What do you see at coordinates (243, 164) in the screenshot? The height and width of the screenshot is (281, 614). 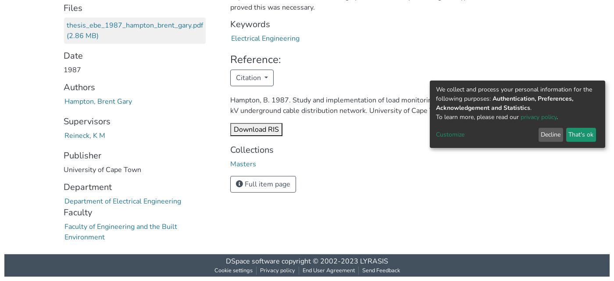 I see `'Masters'` at bounding box center [243, 164].